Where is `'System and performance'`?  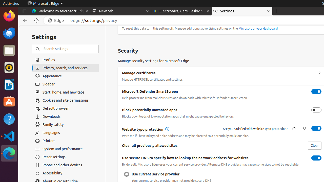 'System and performance' is located at coordinates (65, 149).